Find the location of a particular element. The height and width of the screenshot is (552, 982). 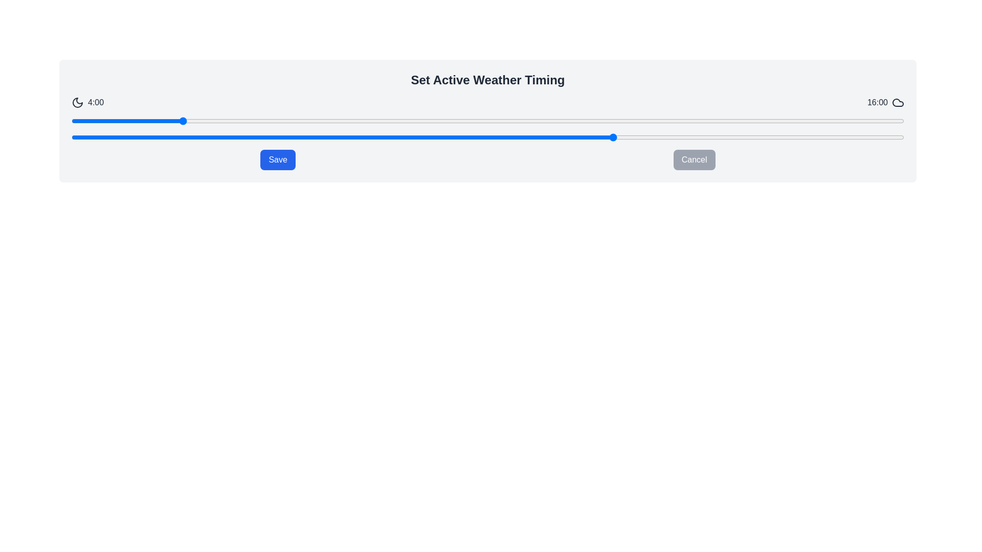

the SVG cloud icon located next to the time display '16:00' in the upper-right section of the interface is located at coordinates (898, 102).